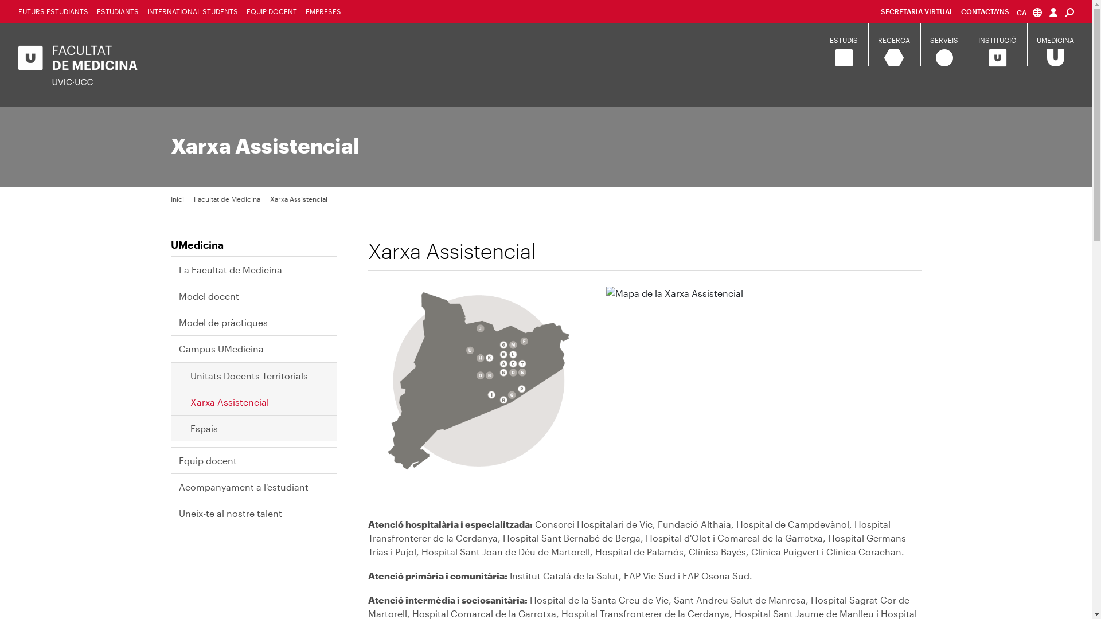 The image size is (1101, 619). What do you see at coordinates (985, 11) in the screenshot?
I see `'CONTACTA'NS'` at bounding box center [985, 11].